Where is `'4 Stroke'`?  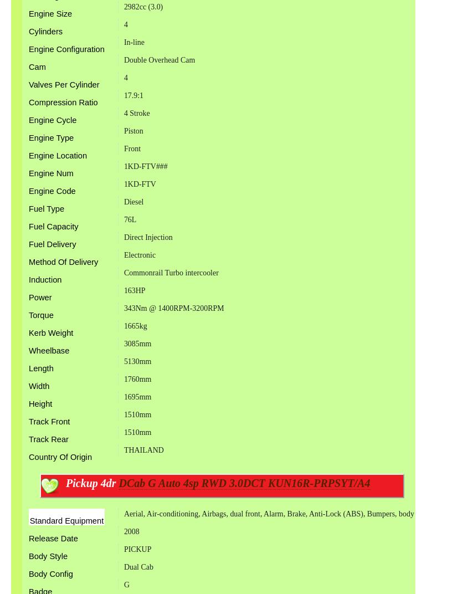 '4 Stroke' is located at coordinates (136, 113).